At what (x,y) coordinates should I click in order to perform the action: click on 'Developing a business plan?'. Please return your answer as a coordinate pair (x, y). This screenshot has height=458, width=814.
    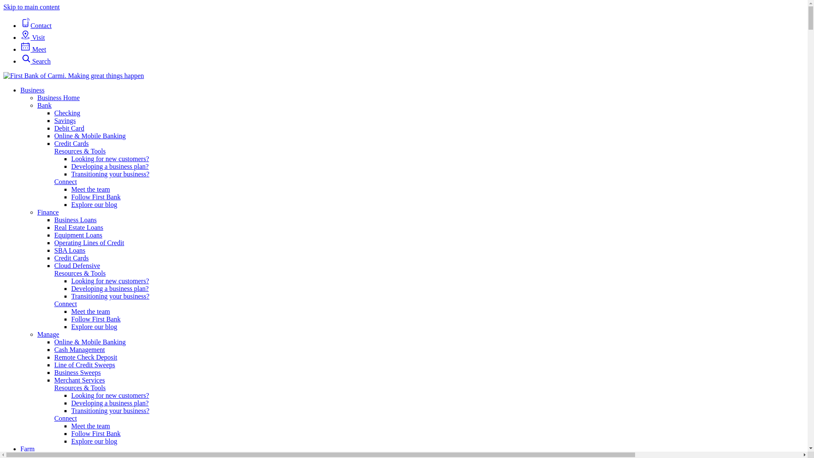
    Looking at the image, I should click on (71, 166).